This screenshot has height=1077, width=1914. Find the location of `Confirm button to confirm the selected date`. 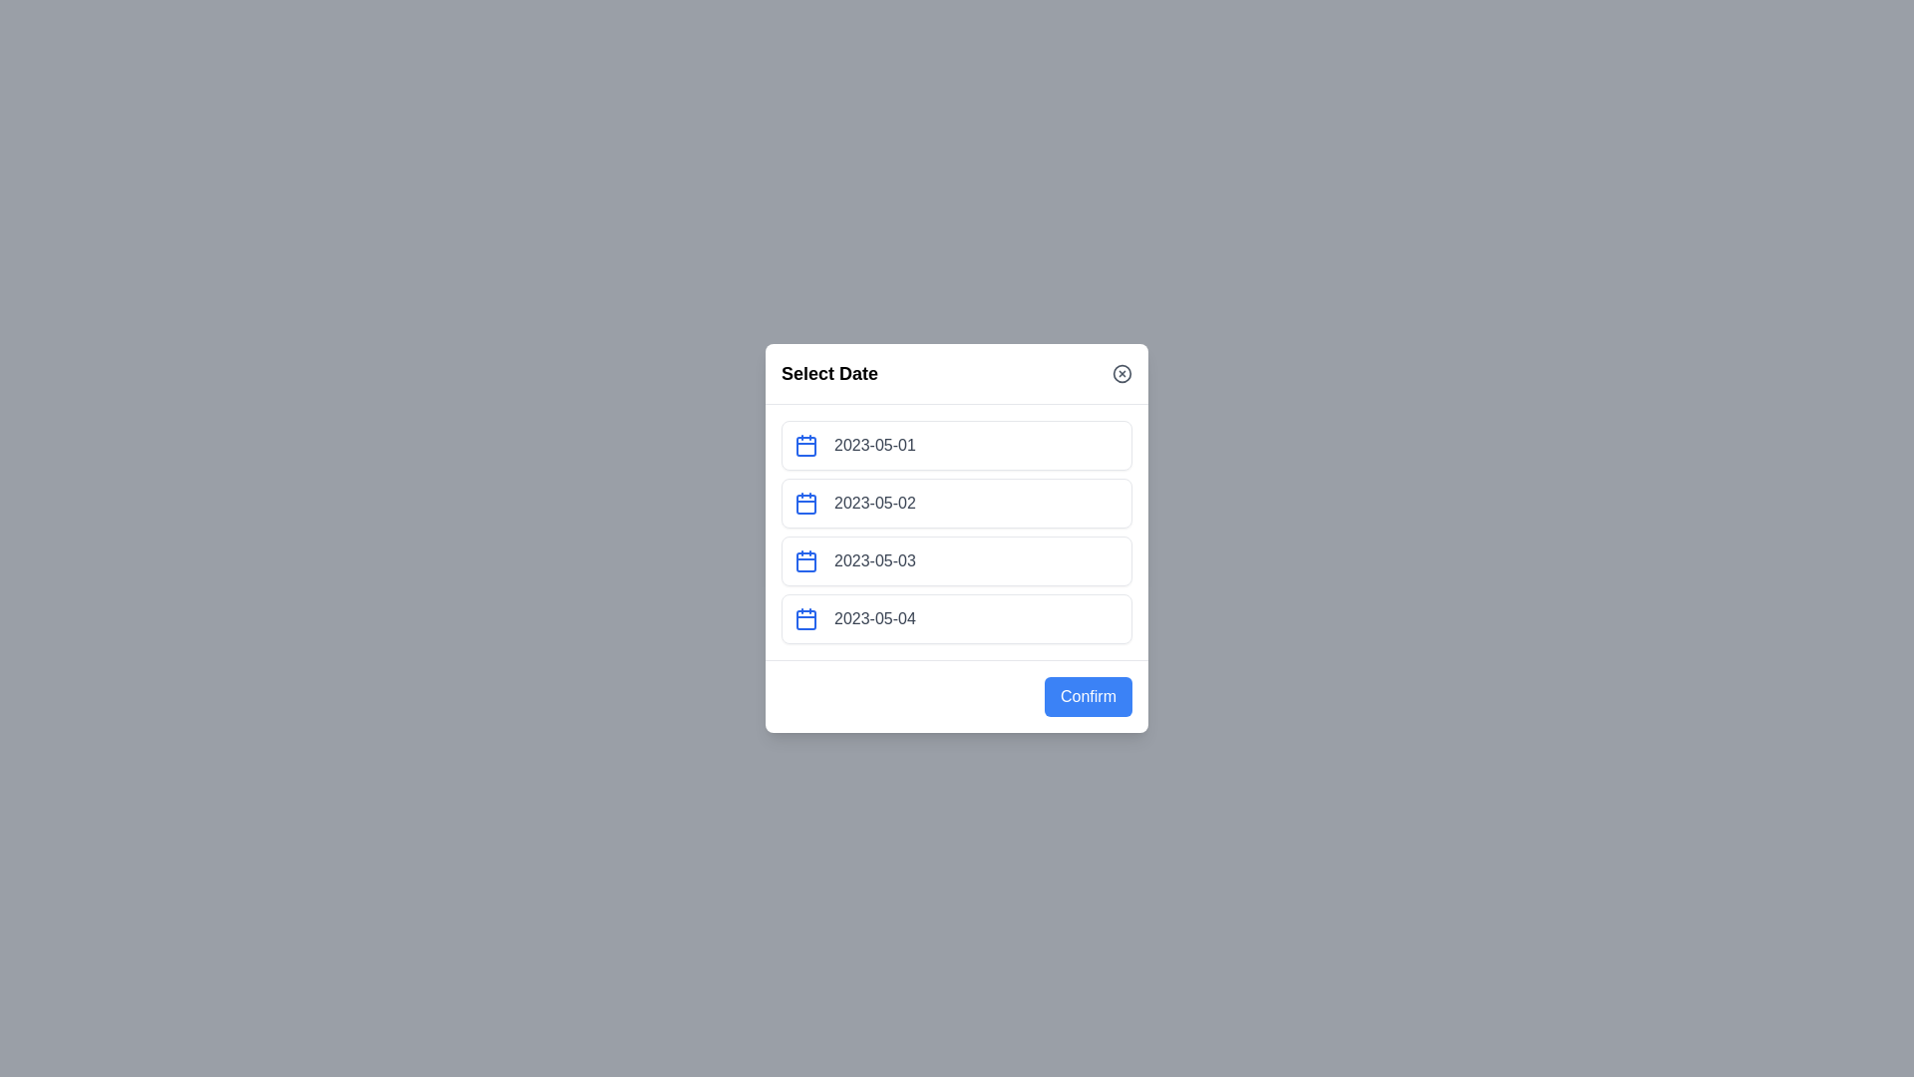

Confirm button to confirm the selected date is located at coordinates (1087, 695).